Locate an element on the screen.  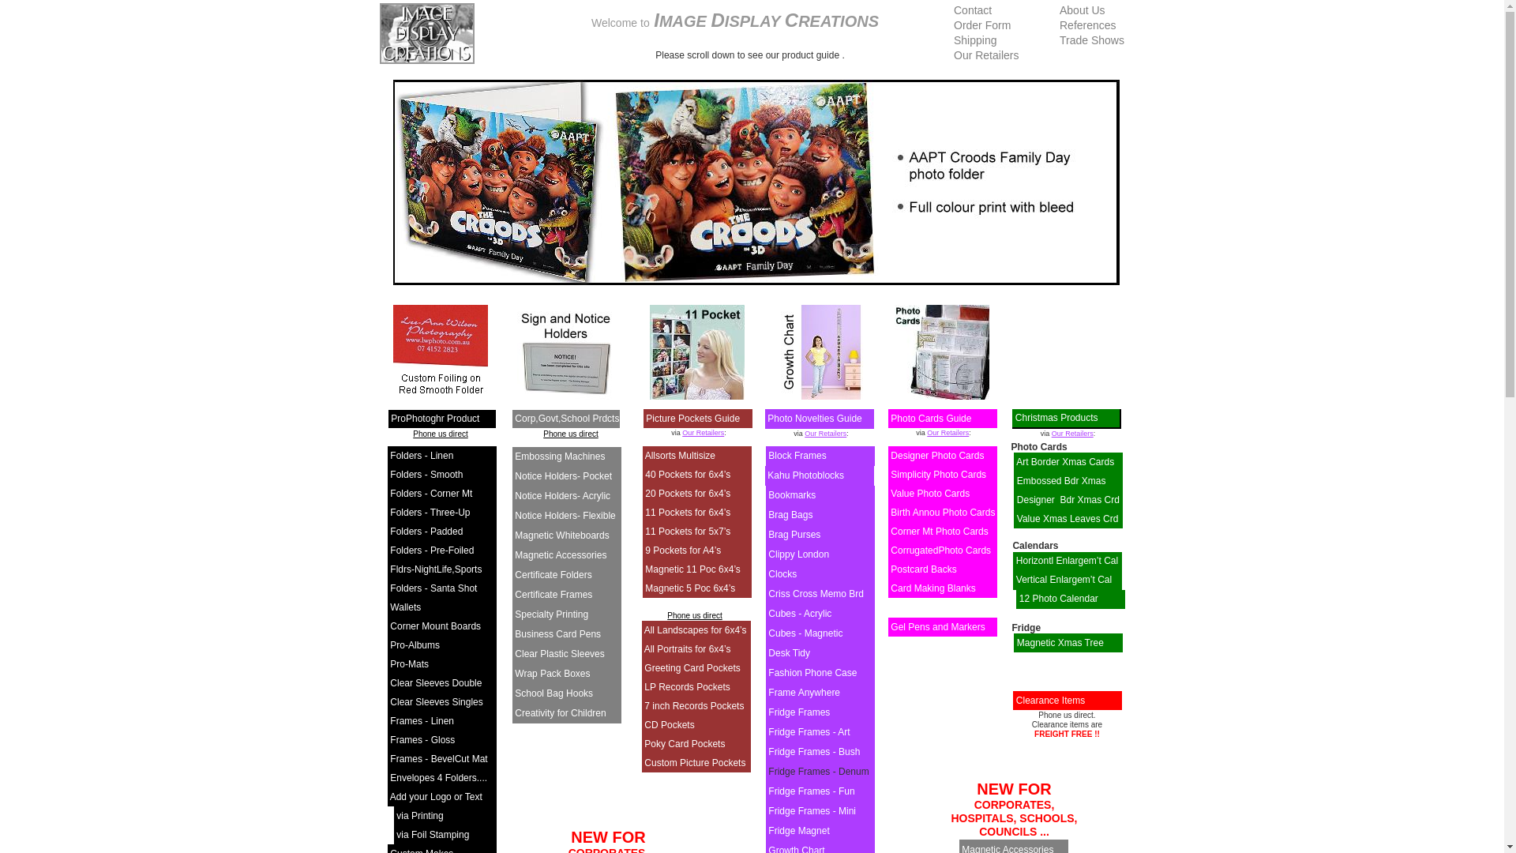
'Corner Mount Boards' is located at coordinates (435, 626).